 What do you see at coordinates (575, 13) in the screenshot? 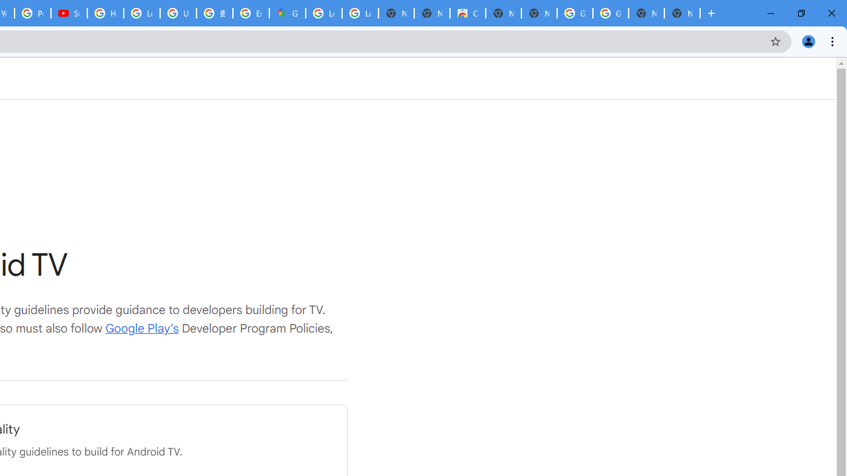
I see `'Google Images'` at bounding box center [575, 13].